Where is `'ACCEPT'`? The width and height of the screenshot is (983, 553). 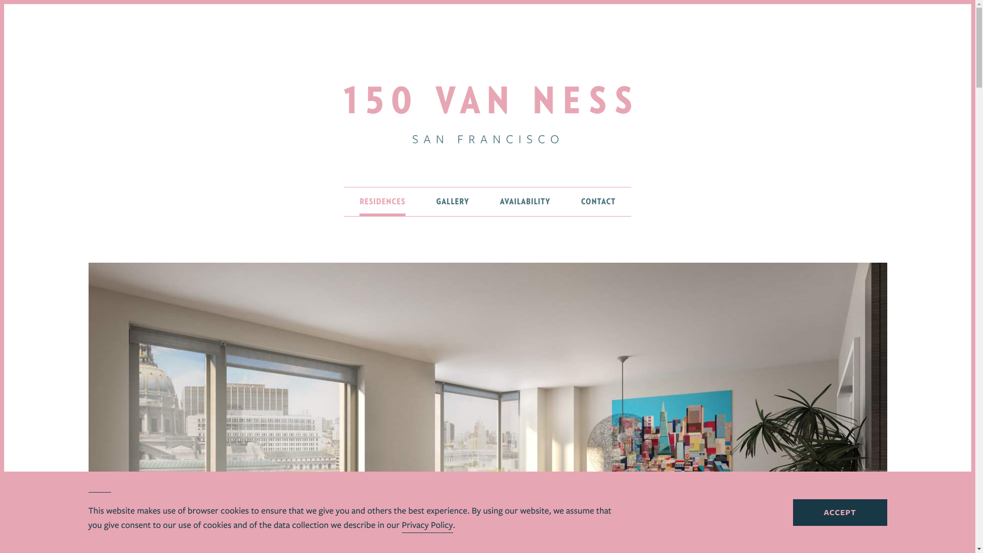
'ACCEPT' is located at coordinates (840, 513).